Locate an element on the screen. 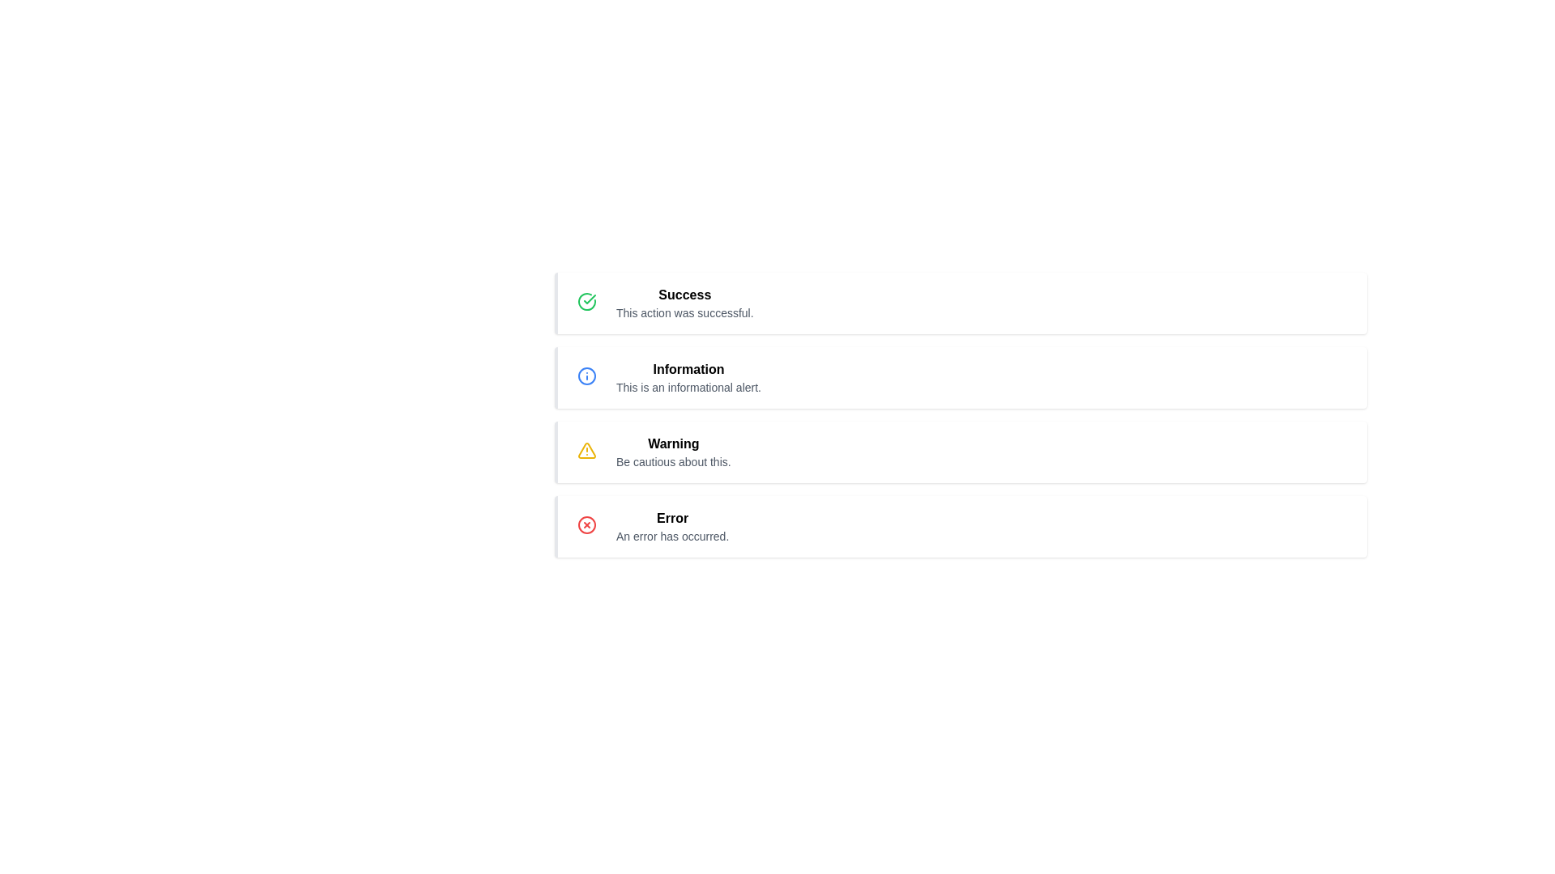 This screenshot has height=874, width=1555. text label that contains 'This action was successful.' located beneath the bold 'Success' text in the first notification block is located at coordinates (684, 312).